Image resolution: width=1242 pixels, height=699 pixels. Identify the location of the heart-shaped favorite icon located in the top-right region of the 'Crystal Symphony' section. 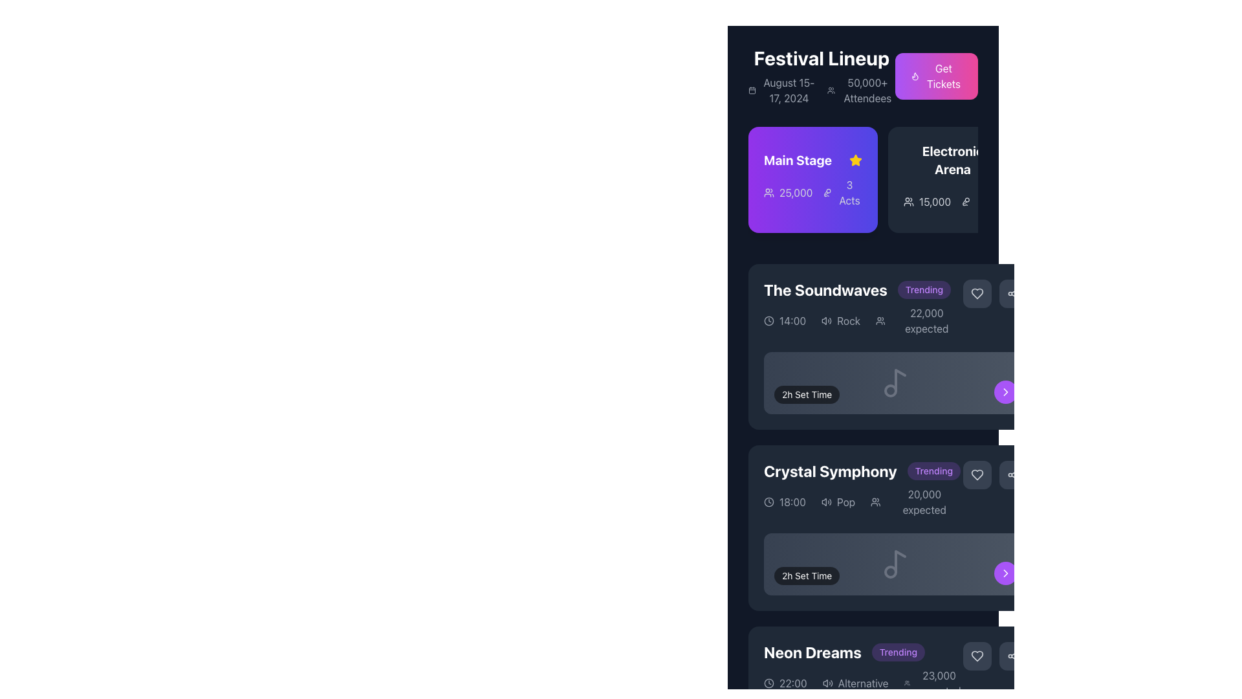
(977, 474).